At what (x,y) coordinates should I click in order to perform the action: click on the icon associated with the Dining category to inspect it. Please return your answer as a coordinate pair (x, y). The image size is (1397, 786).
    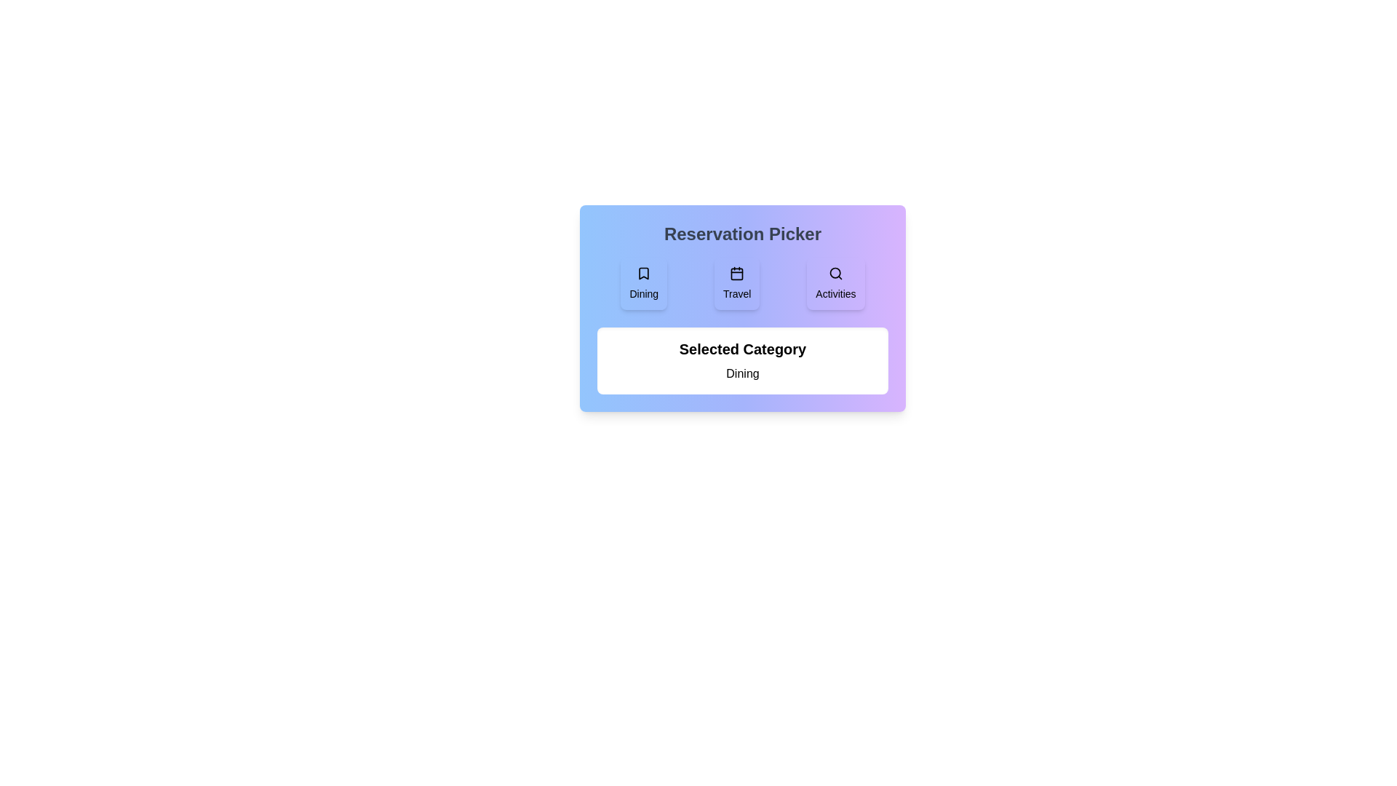
    Looking at the image, I should click on (643, 283).